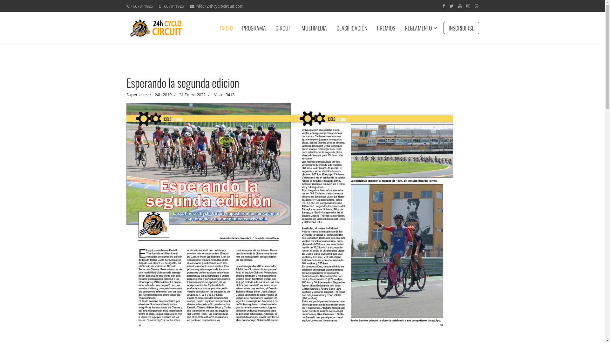 The image size is (610, 343). What do you see at coordinates (154, 94) in the screenshot?
I see `'24h 2019'` at bounding box center [154, 94].